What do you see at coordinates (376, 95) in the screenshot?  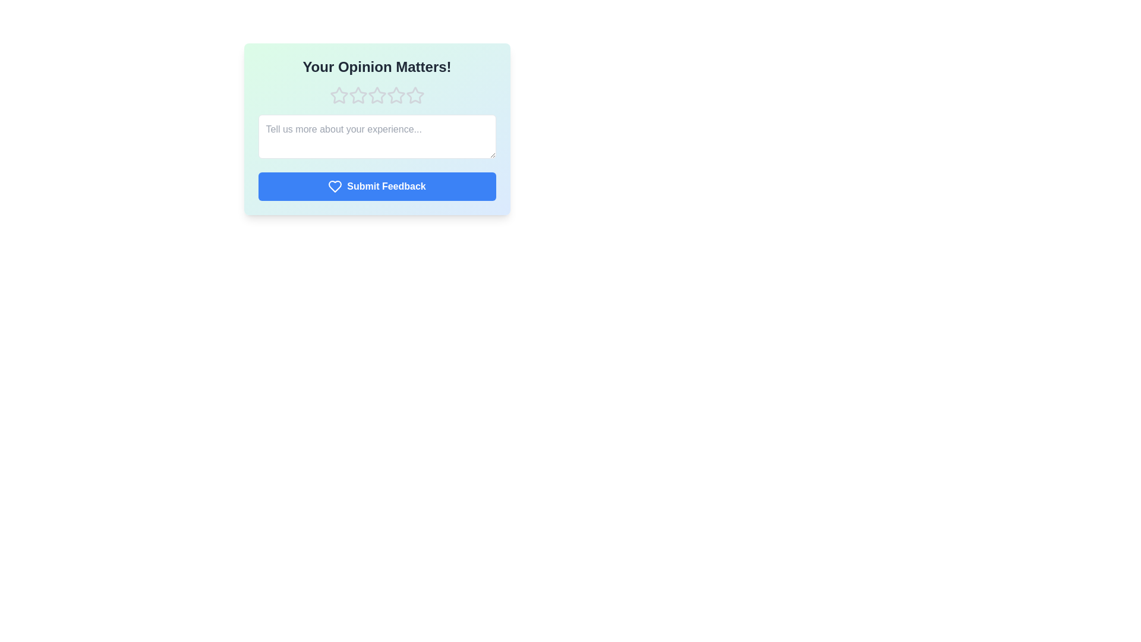 I see `the second star in the rating system for accessibility navigation, located beneath the heading 'Your Opinion Matters!' and above the text input field` at bounding box center [376, 95].